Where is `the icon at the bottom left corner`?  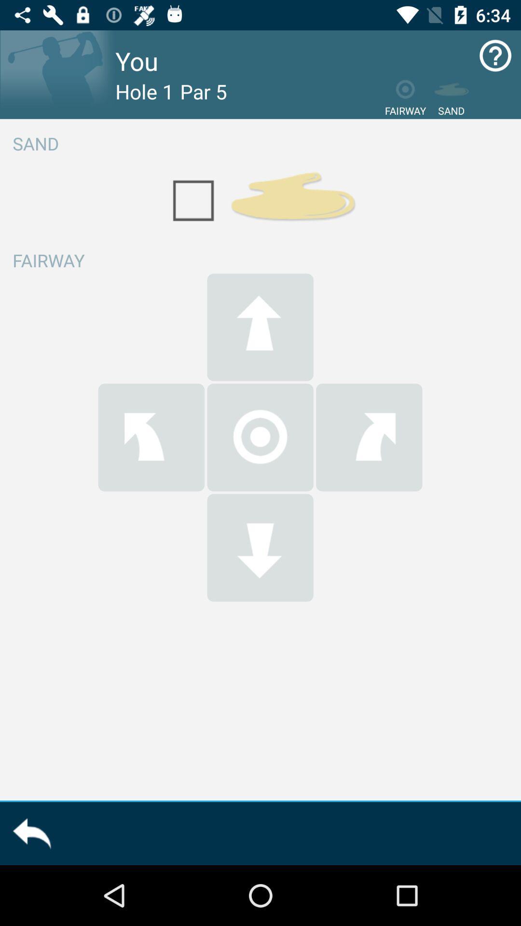 the icon at the bottom left corner is located at coordinates (31, 833).